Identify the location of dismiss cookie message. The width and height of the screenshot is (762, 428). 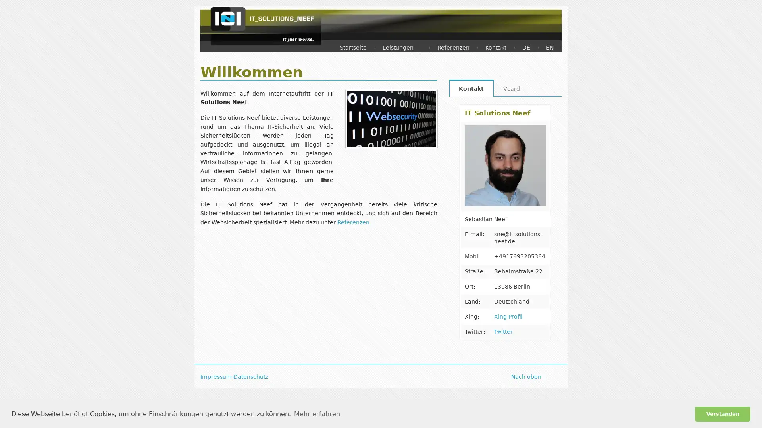
(722, 413).